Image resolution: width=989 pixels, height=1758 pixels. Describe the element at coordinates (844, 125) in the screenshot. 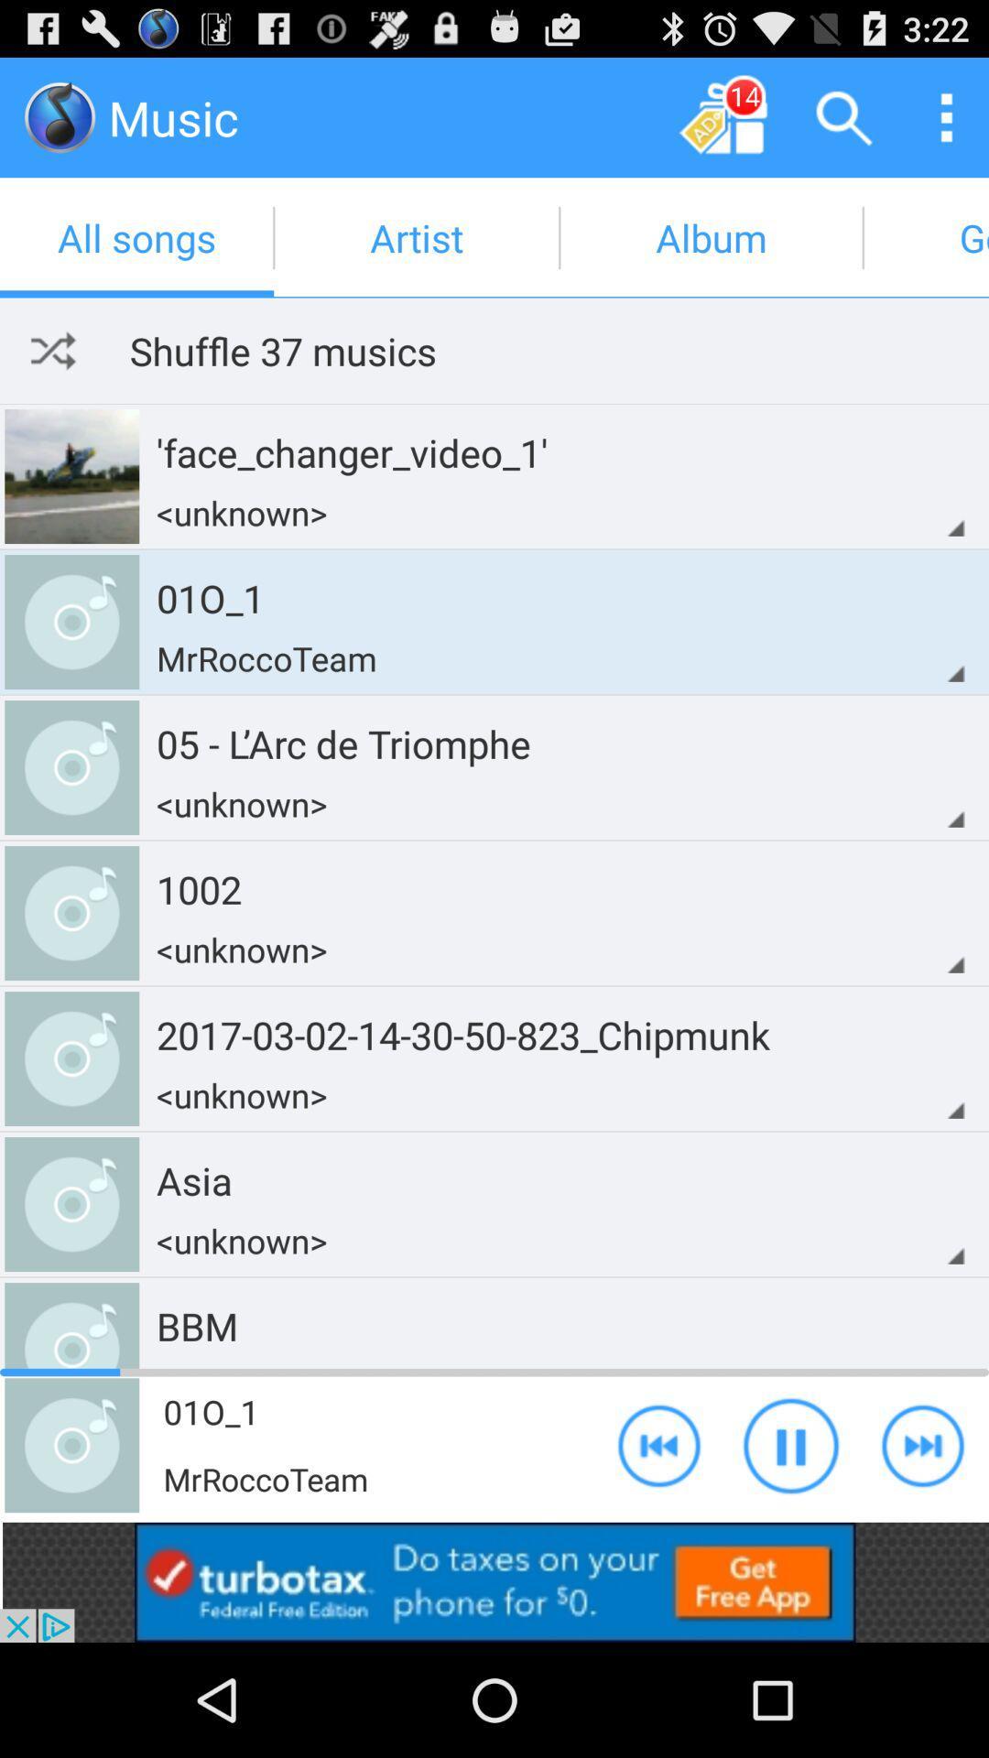

I see `the search icon` at that location.